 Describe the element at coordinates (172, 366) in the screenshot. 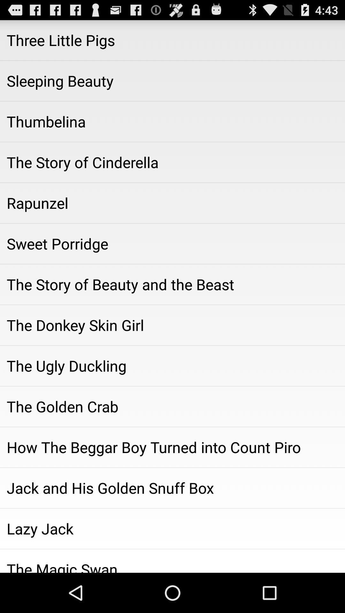

I see `app above the the golden crab app` at that location.